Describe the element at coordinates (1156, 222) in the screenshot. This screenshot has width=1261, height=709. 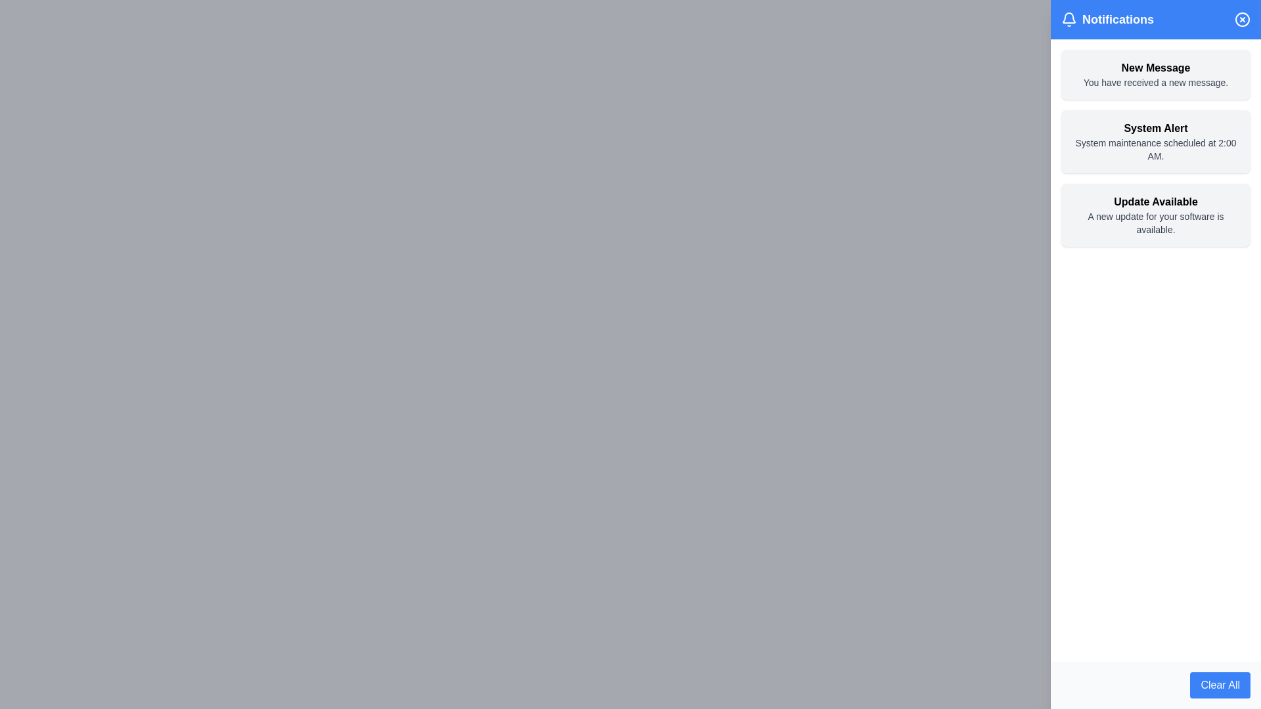
I see `the text element that reads 'A new update for your software is available.' positioned within the notification card labeled 'Update Available.'` at that location.